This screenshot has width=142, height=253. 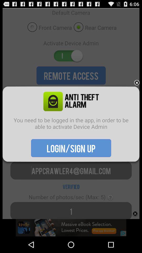 I want to click on the button is used to close the panel, so click(x=137, y=83).